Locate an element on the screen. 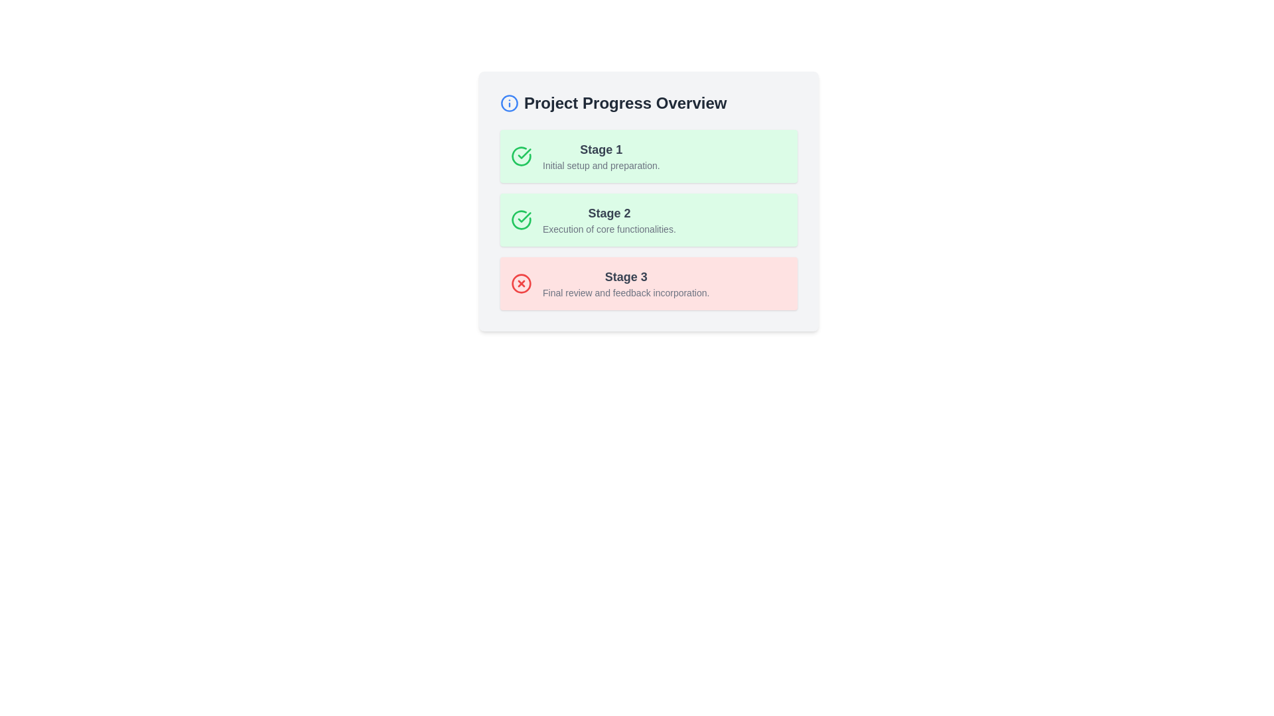  the text label displaying 'Execution of core functionalities.' which is styled in a small gray font, located beneath the 'Stage 2' text within the light green progress completion rectangle is located at coordinates (608, 229).